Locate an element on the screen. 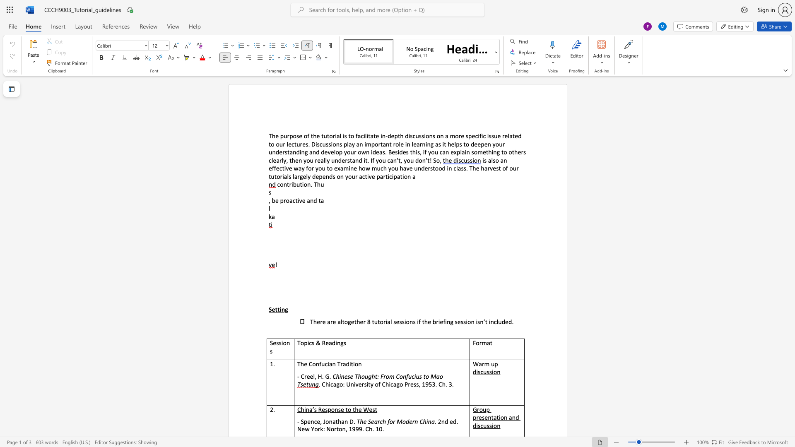  the 1th character "r" in the text is located at coordinates (356, 176).